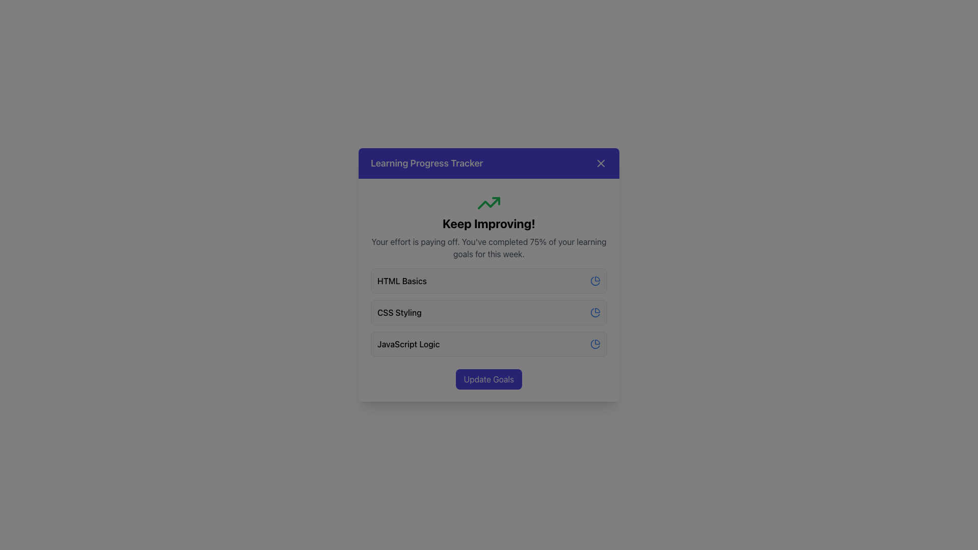  Describe the element at coordinates (489, 248) in the screenshot. I see `the text label displaying progress towards learning goals that reads 'Your effort is paying off. You've completed 75% of your learning goals for this week.'` at that location.